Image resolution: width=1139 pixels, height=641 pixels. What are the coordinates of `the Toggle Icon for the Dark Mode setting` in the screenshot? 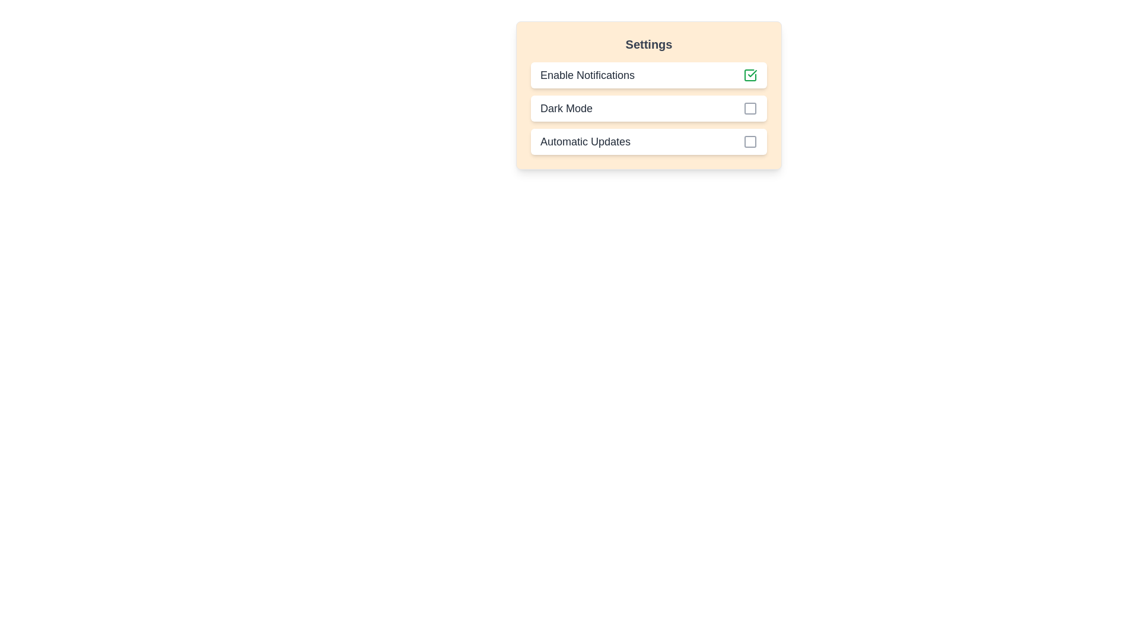 It's located at (750, 108).